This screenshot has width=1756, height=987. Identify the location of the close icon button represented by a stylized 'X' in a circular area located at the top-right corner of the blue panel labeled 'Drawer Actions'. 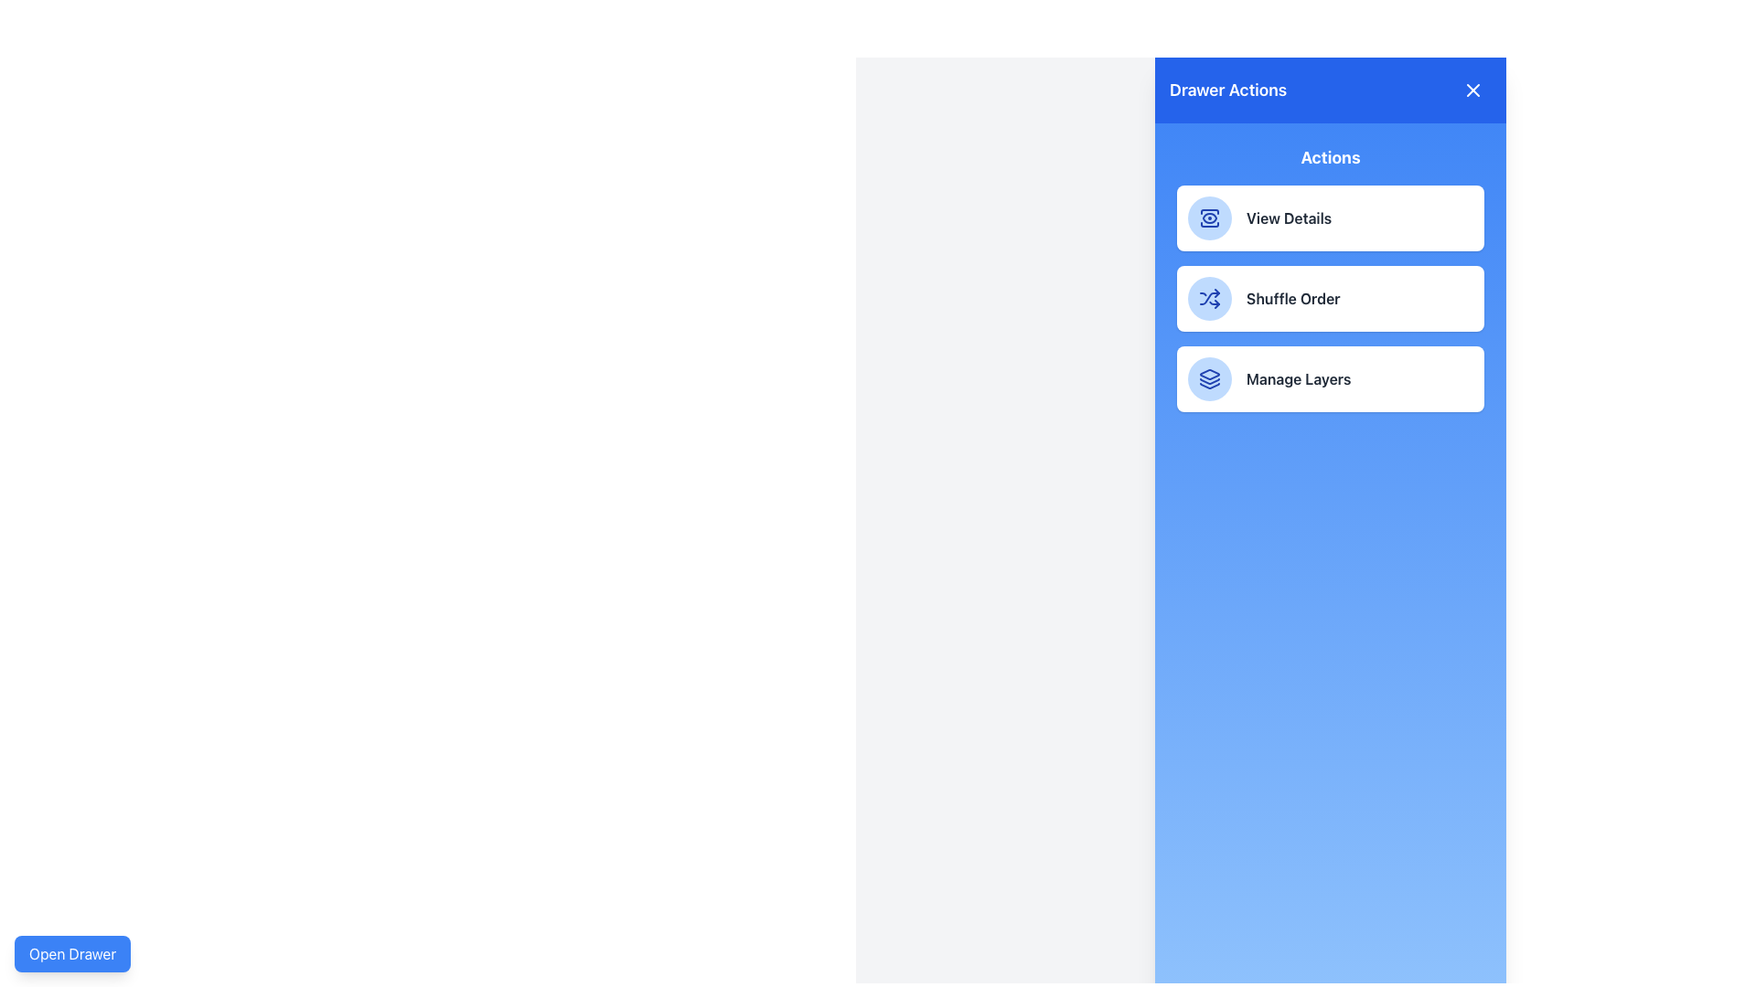
(1473, 90).